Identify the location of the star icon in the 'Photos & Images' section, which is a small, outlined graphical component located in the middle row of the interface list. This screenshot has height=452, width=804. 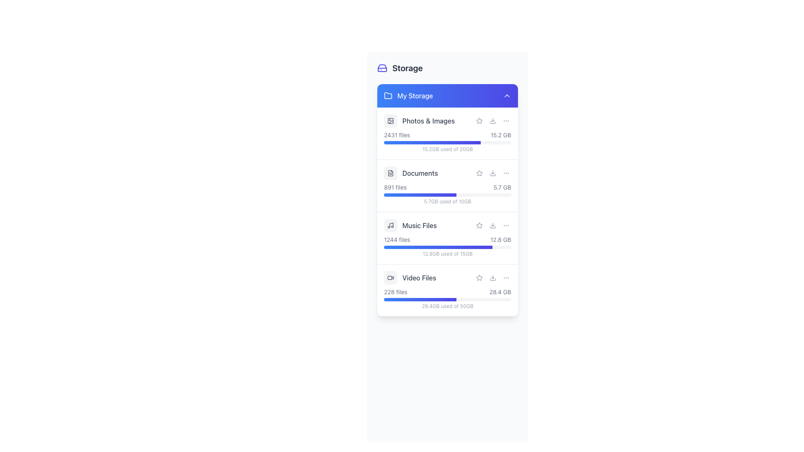
(479, 121).